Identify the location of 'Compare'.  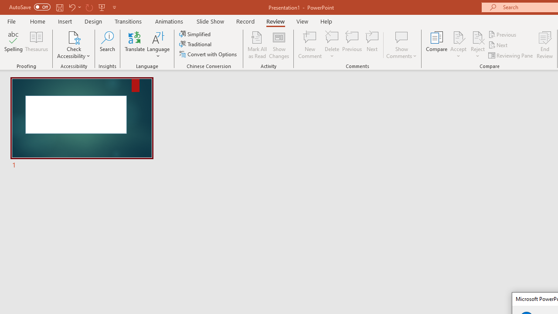
(437, 45).